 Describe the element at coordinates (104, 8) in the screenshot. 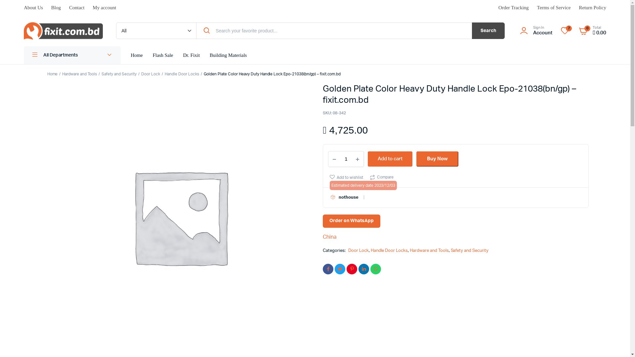

I see `'My account'` at that location.